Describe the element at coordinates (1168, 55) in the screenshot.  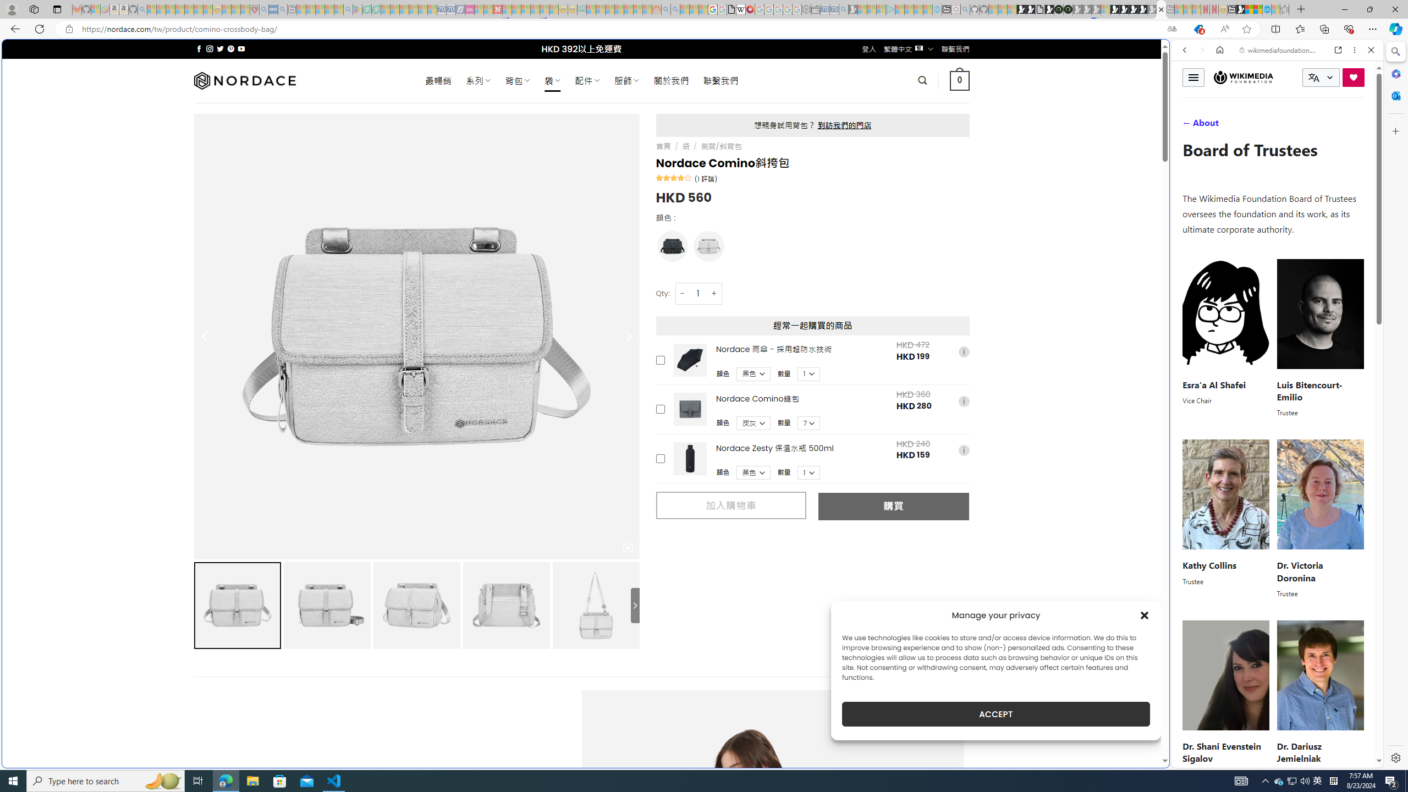
I see `'Close split screen'` at that location.